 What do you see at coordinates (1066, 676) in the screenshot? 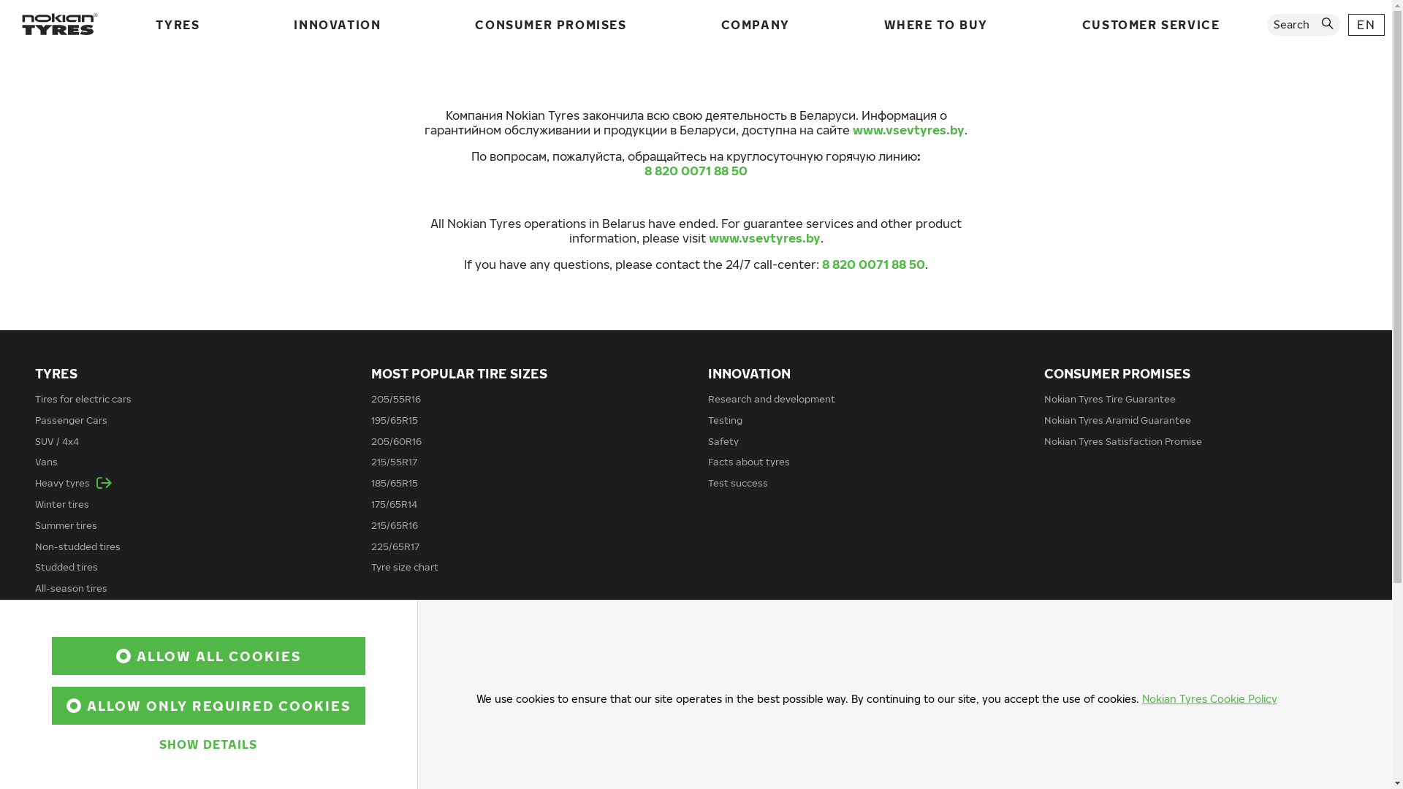
I see `'Feedback'` at bounding box center [1066, 676].